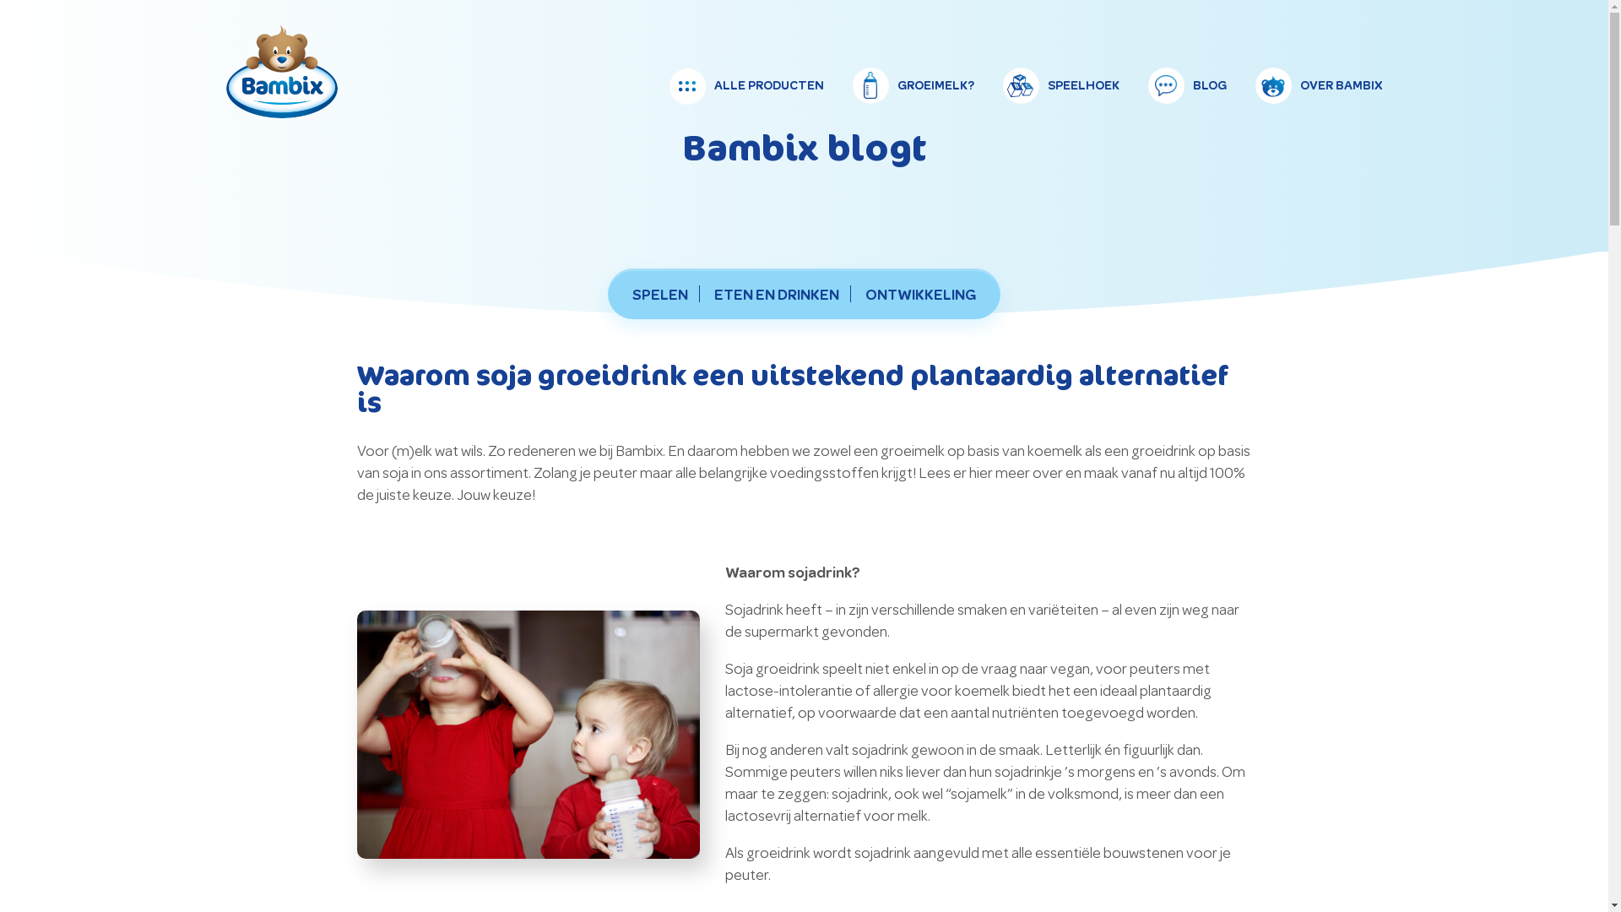 This screenshot has height=912, width=1621. I want to click on 'OVER BAMBIX', so click(1317, 85).